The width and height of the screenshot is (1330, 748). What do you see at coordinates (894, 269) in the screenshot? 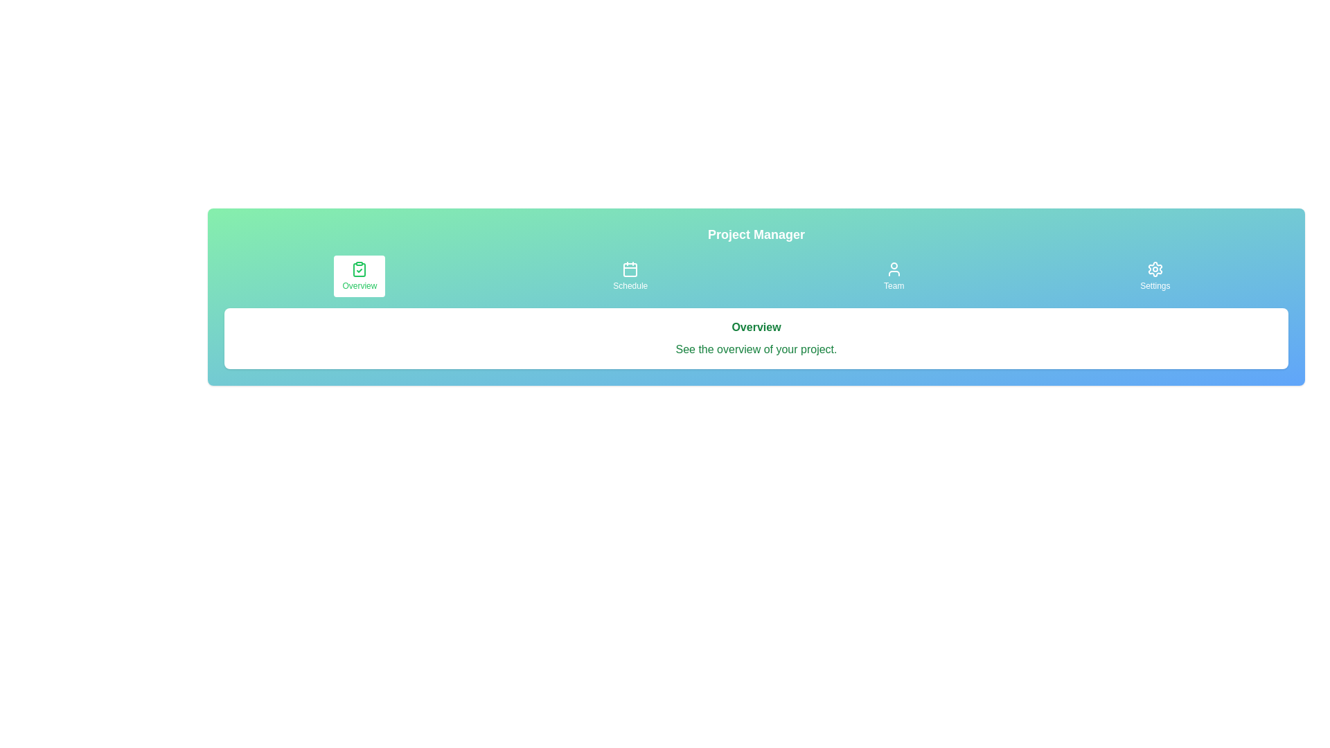
I see `the 'Team' button in the navigation bar` at bounding box center [894, 269].